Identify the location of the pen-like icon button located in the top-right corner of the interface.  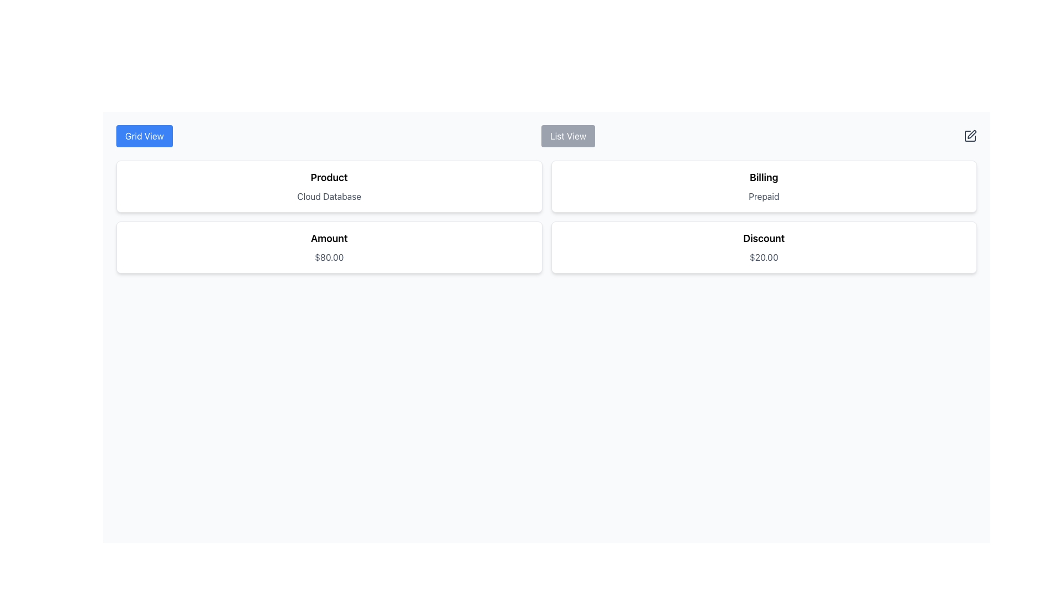
(971, 134).